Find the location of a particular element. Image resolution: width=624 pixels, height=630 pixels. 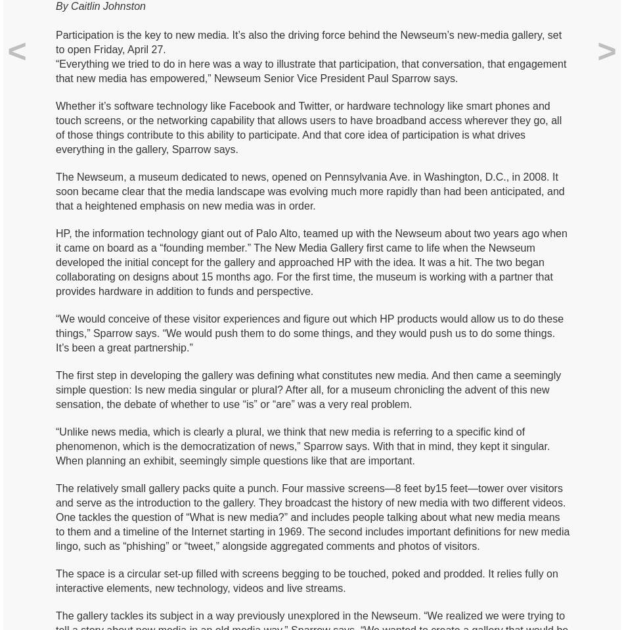

'“Unlike news media, which is clearly a plural, we think that new media is referring to a specific kind of phenomenon, which is the democratization of news,” Sparrow says. With that in mind, they kept it singular. When planning an exhibit, seemingly simple questions like that are important.' is located at coordinates (56, 445).